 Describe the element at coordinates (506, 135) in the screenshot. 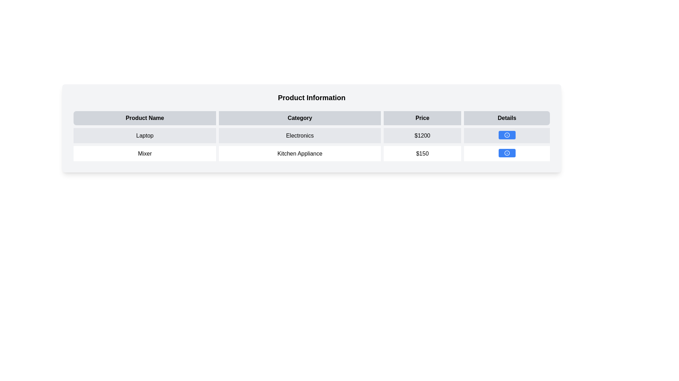

I see `the outer circular outline of the SVG icon located in the 'Details' column of the second row in the table` at that location.